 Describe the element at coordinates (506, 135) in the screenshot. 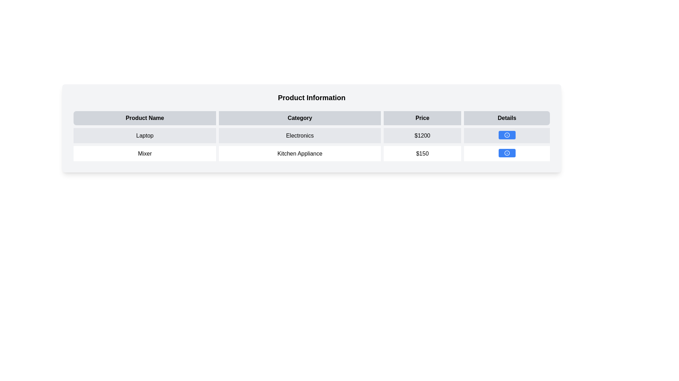

I see `the outer circular outline of the SVG icon located in the 'Details' column of the second row in the table` at that location.